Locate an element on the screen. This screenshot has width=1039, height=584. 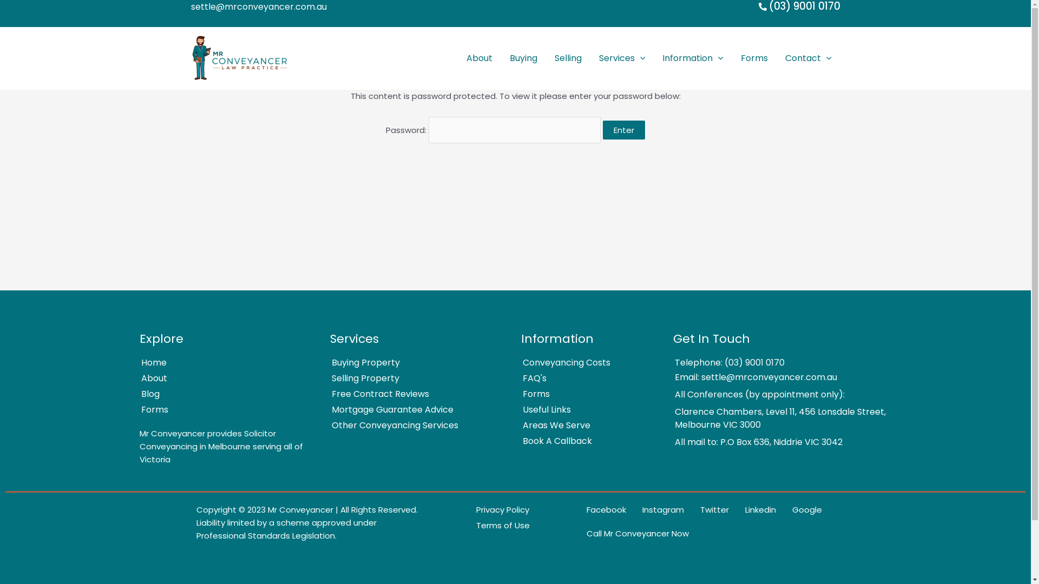
'Enter' is located at coordinates (623, 129).